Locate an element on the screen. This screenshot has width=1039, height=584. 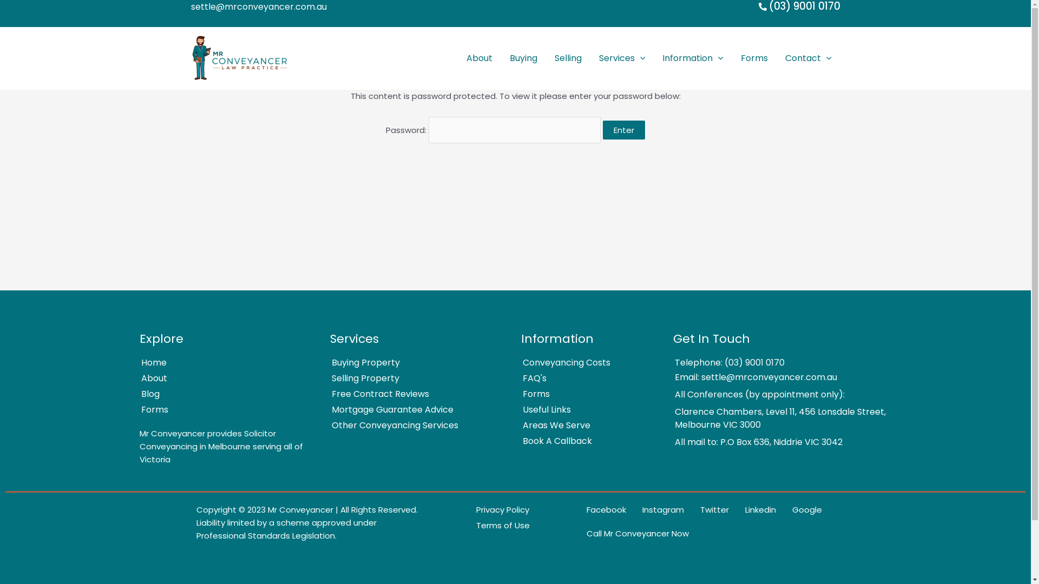
'Enter' is located at coordinates (623, 129).